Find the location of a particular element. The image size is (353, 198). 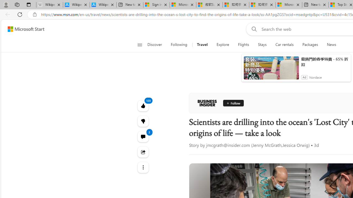

'123 Like' is located at coordinates (143, 106).